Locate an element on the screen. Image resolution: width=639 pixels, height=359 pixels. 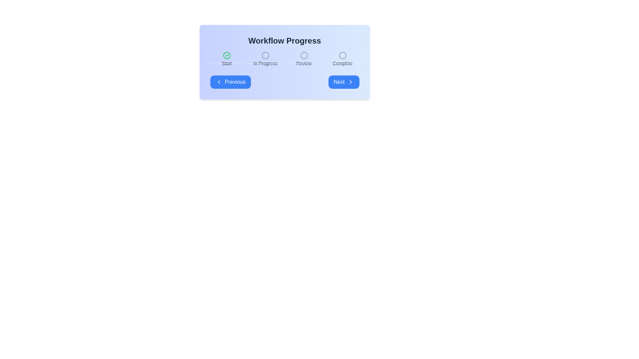
the Workflow Step Indicator labeled 'In Progress', which is a circular icon with a gray border and a label below it, indicating its unselected state is located at coordinates (265, 59).